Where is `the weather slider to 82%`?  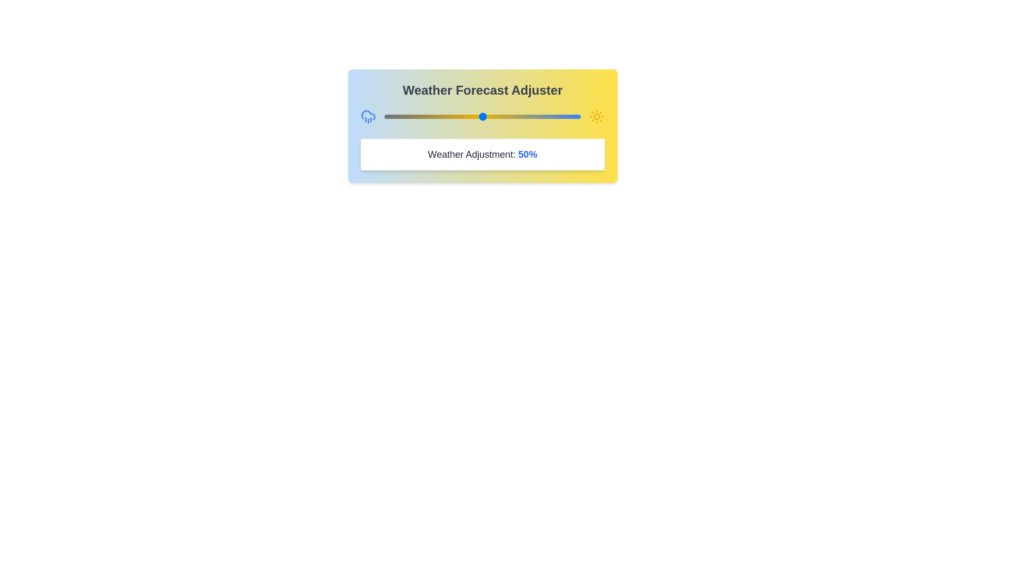 the weather slider to 82% is located at coordinates (546, 117).